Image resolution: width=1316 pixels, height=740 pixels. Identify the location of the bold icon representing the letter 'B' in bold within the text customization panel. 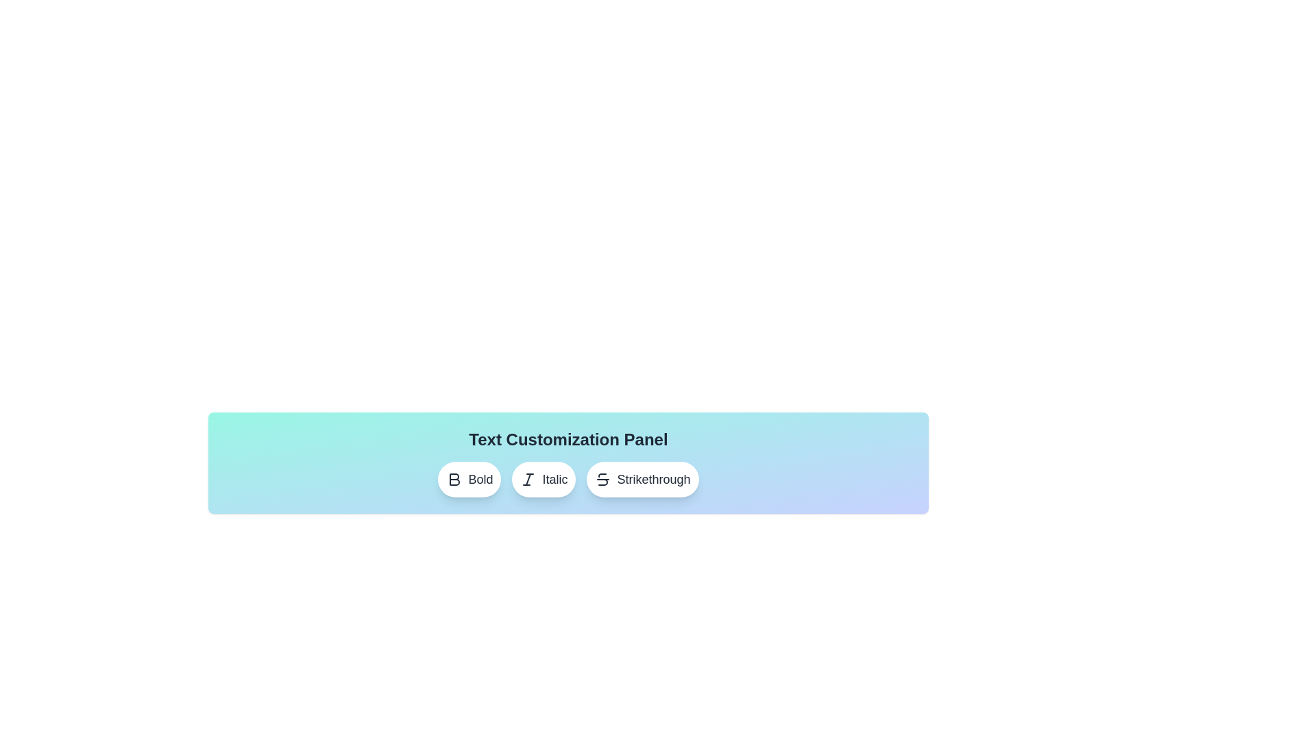
(454, 478).